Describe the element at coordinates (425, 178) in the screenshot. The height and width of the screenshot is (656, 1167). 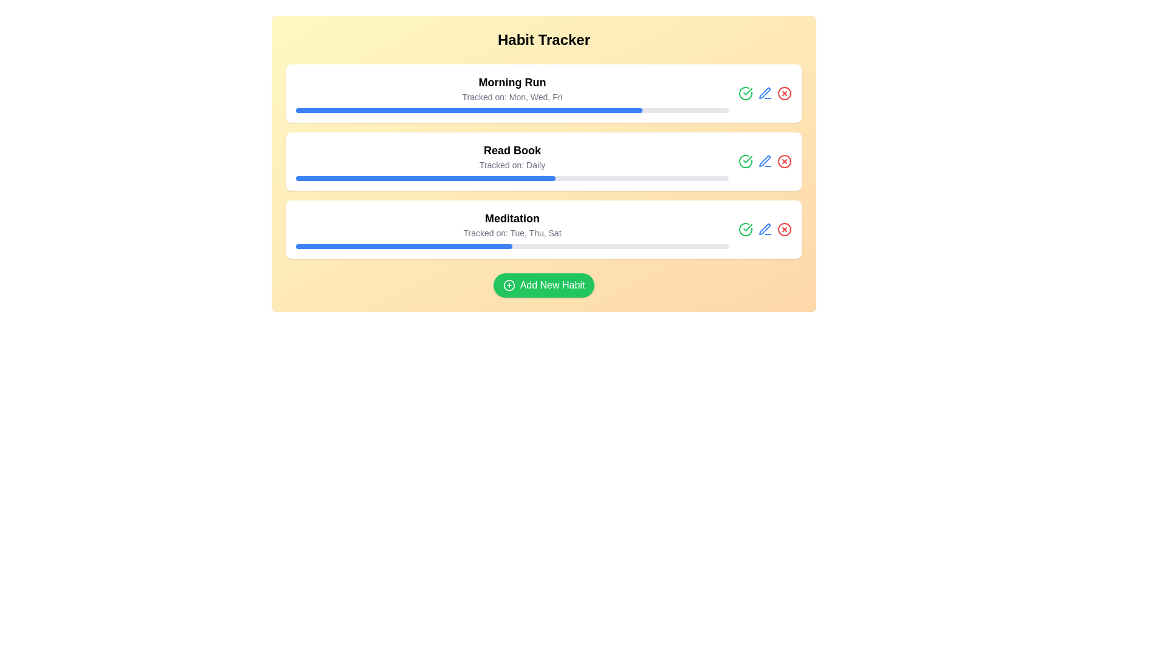
I see `the Progress Indicator that visually represents the completion percentage of the habit 'Read Book'` at that location.